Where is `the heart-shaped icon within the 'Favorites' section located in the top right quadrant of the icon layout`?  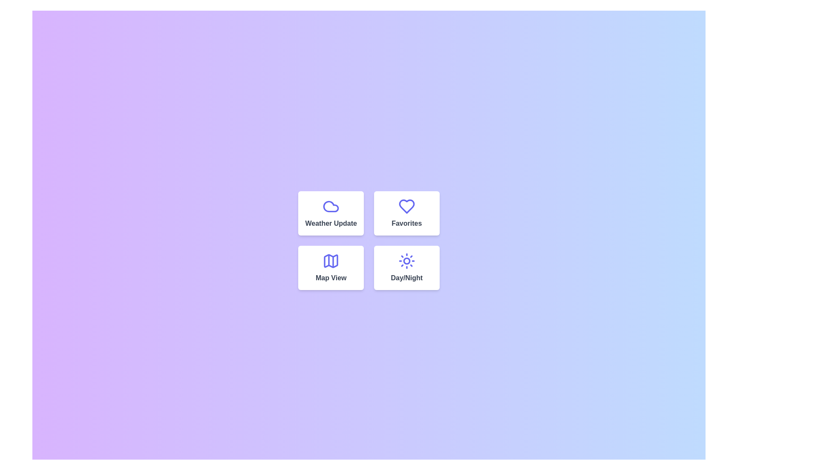 the heart-shaped icon within the 'Favorites' section located in the top right quadrant of the icon layout is located at coordinates (406, 207).